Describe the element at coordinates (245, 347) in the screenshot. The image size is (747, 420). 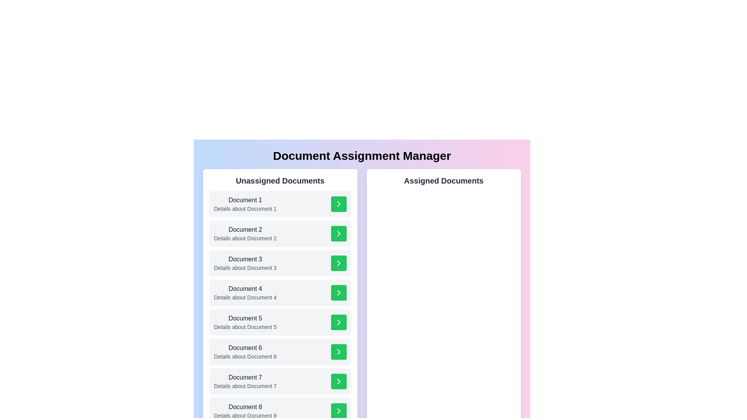
I see `the static text label displaying 'Document 6' in bold, dark gray font, which is the title of a document entry within the 'Unassigned Documents' section` at that location.